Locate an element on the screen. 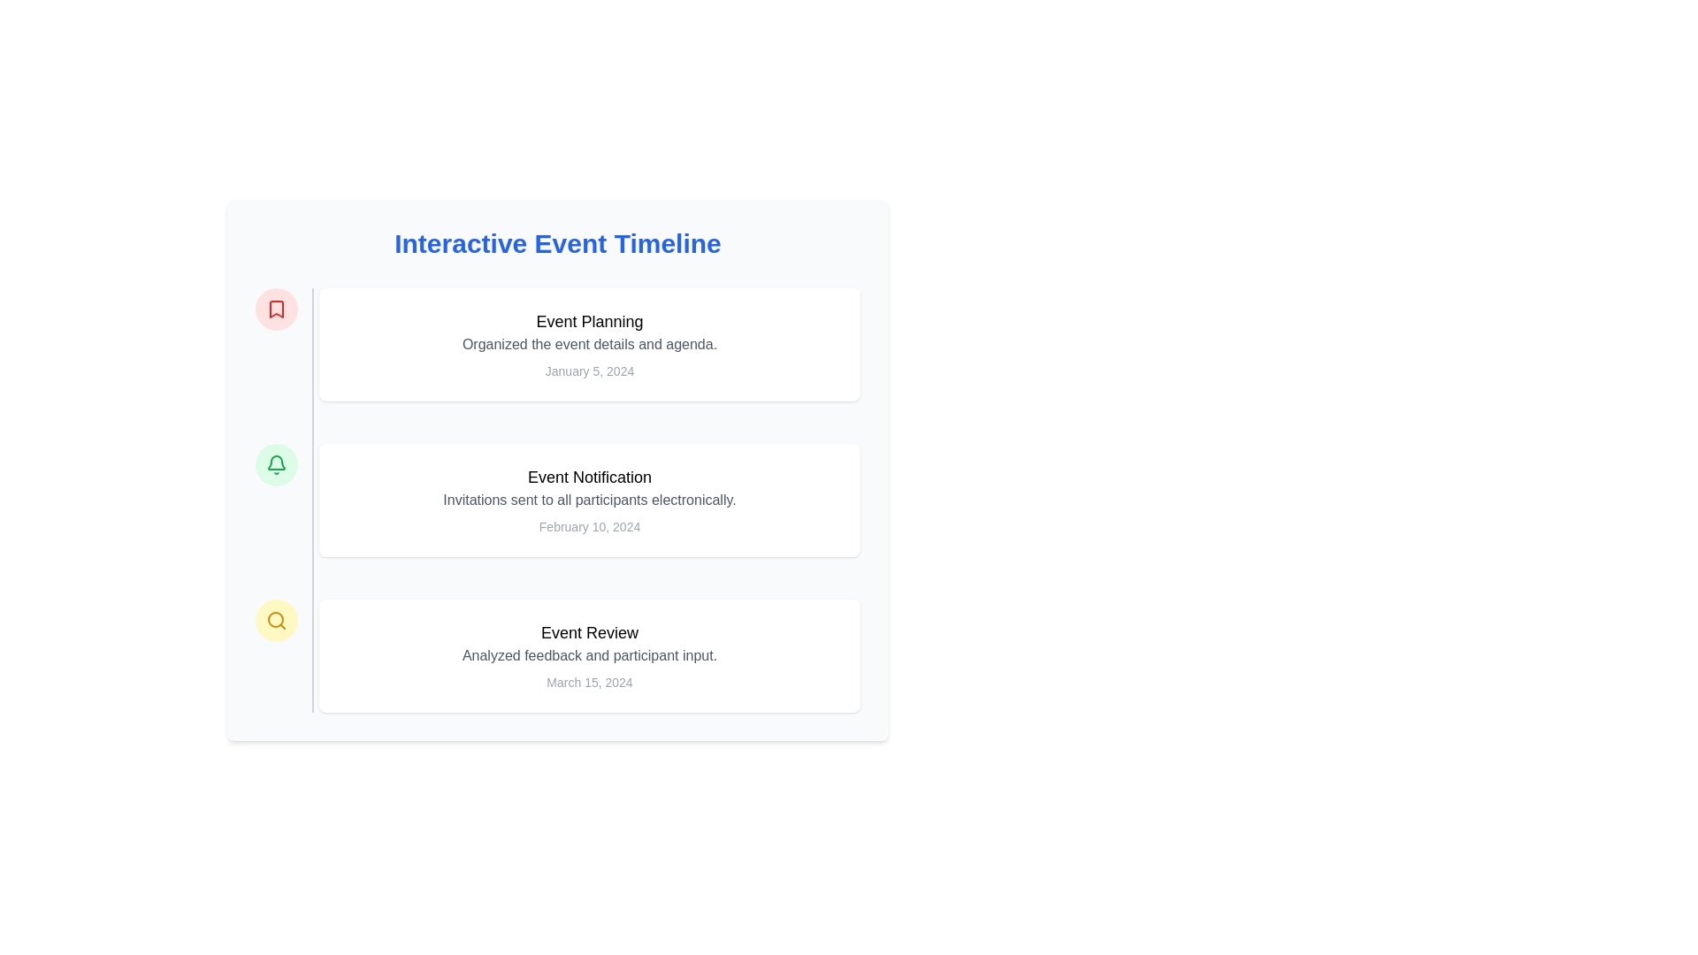 This screenshot has height=955, width=1698. details from the third card in the vertical list, which contains the title 'Event Review', the description 'Analyzed feedback and participant input', and the date 'March 15, 2024' is located at coordinates (590, 655).